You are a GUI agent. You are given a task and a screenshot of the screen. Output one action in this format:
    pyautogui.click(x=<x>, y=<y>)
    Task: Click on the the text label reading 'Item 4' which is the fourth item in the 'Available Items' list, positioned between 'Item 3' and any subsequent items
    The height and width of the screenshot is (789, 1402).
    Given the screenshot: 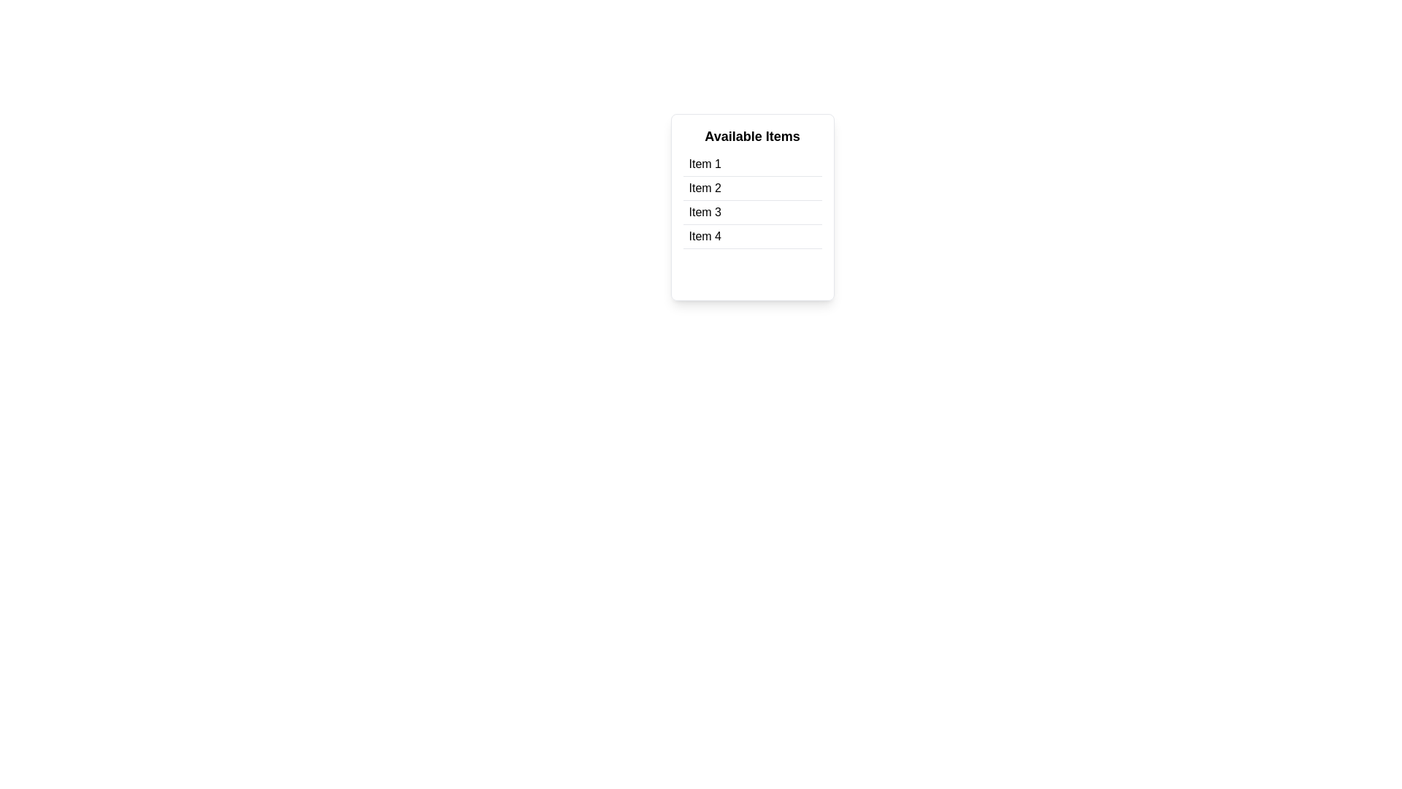 What is the action you would take?
    pyautogui.click(x=705, y=236)
    